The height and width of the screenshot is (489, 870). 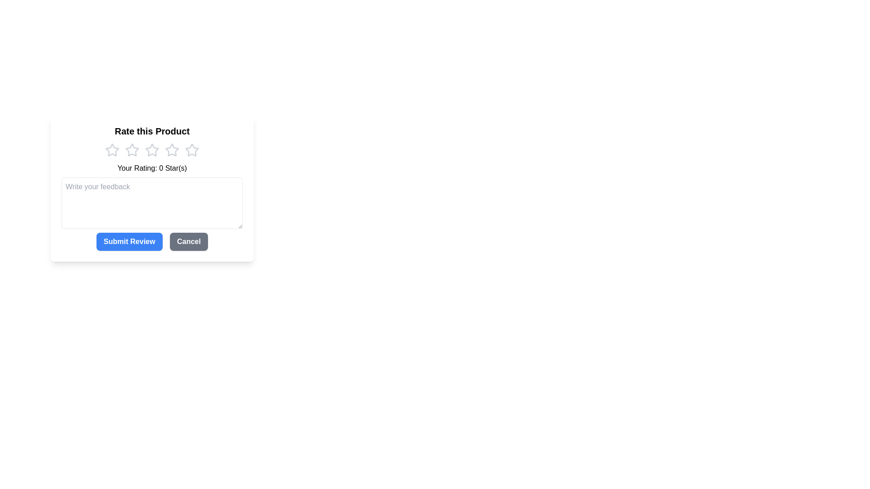 I want to click on the second star icon from the left in the rating system, so click(x=132, y=149).